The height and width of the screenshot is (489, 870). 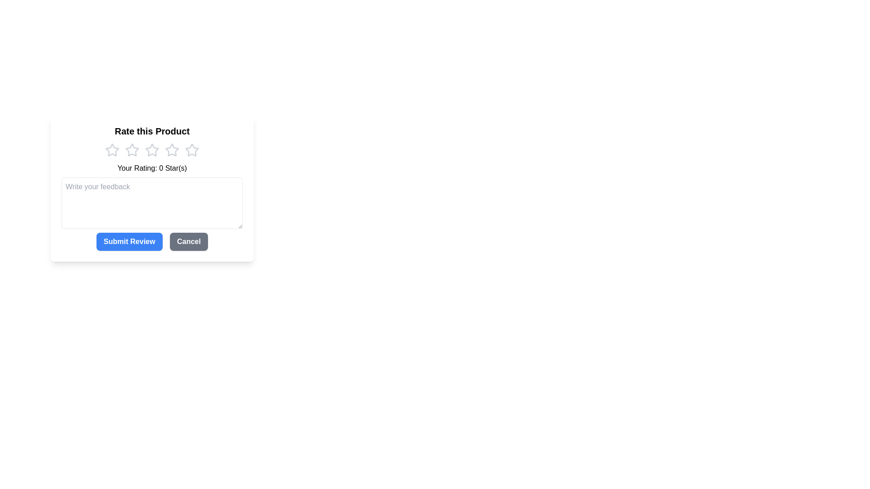 I want to click on the second star icon from the left in the rating system, so click(x=132, y=149).